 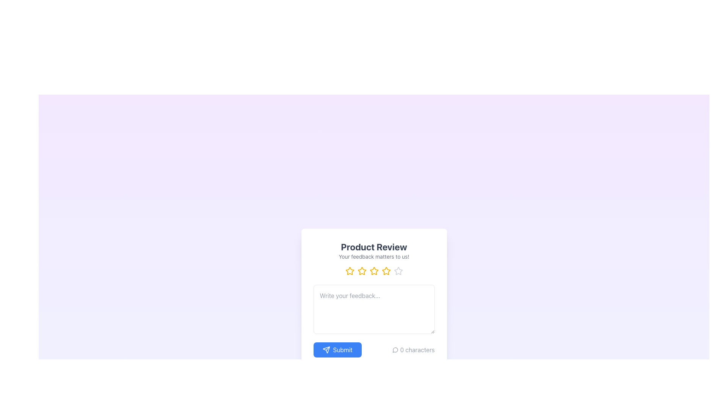 What do you see at coordinates (361, 270) in the screenshot?
I see `the second star icon in the rating system` at bounding box center [361, 270].